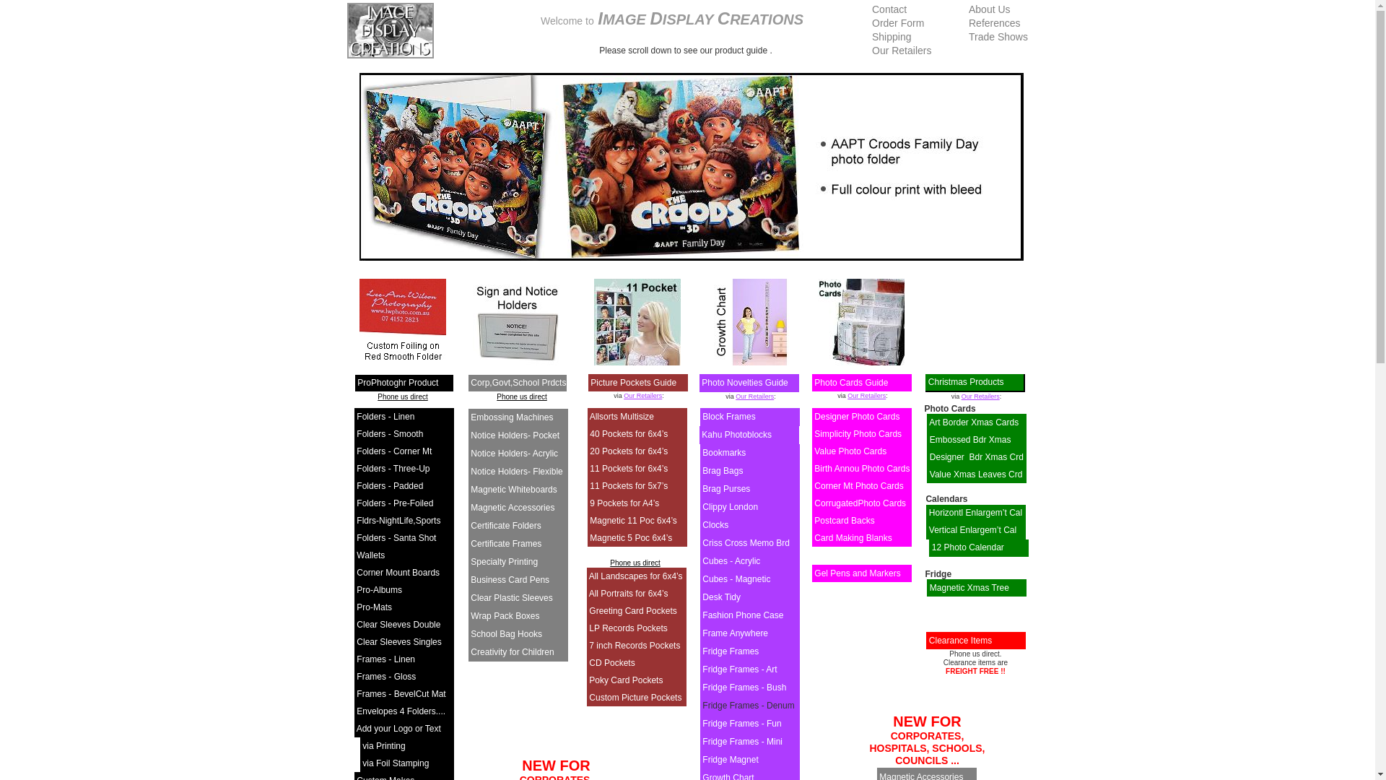 The height and width of the screenshot is (780, 1386). I want to click on 'Frame Anywhere', so click(735, 632).